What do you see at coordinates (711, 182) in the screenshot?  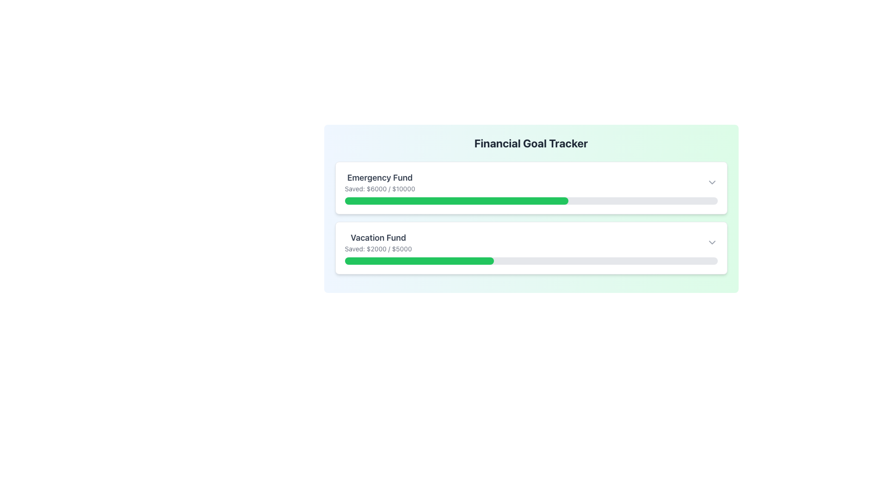 I see `the dropdown toggle button icon resembling a downward-facing chevron arrow located at the rightmost part of the 'Emergency Fund' section to trigger the color change effect` at bounding box center [711, 182].